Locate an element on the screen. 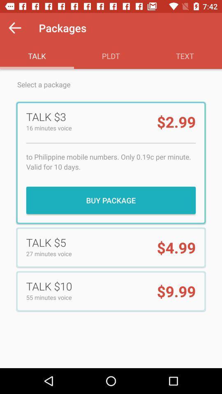  icon next to the packages icon is located at coordinates (15, 28).